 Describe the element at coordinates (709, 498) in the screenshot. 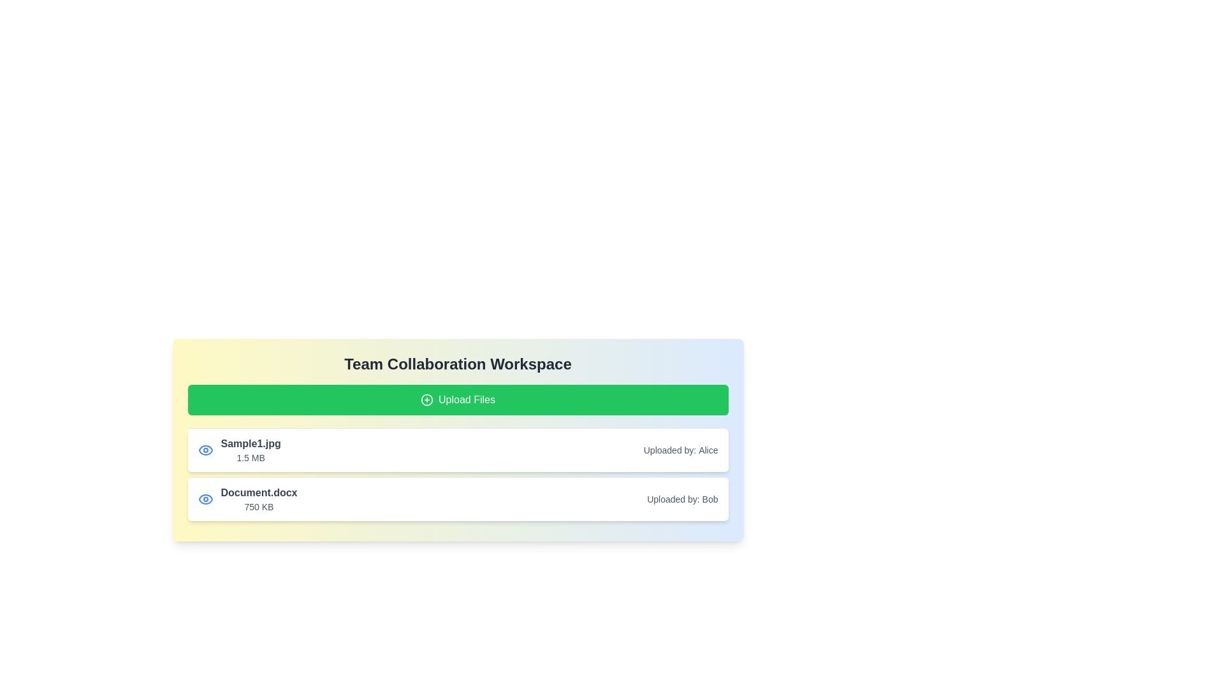

I see `the Text Label that displays the uploader's name associated with a specific file, located in the bottom-right corner of the file detail box, next to 'Uploaded by:'` at that location.